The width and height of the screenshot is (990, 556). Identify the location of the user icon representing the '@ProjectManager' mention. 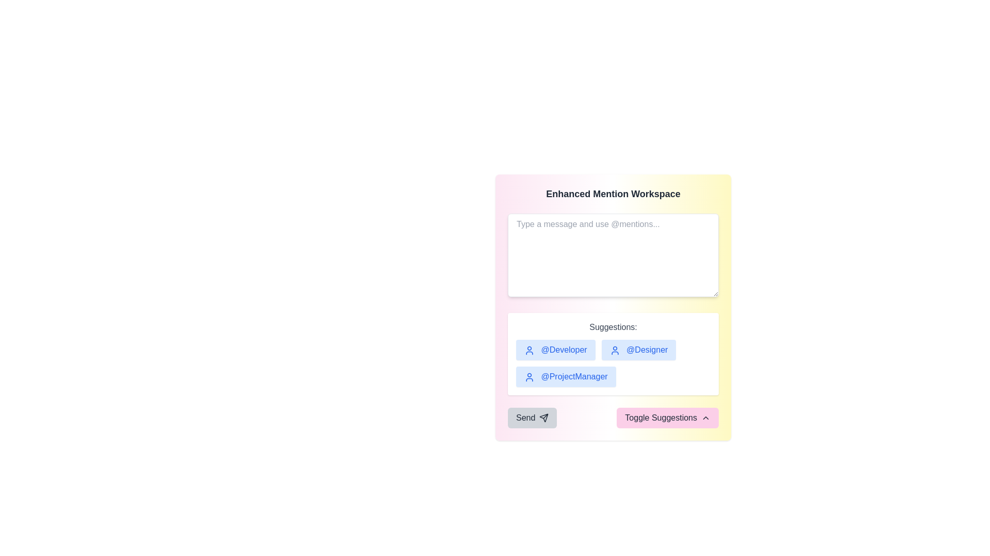
(530, 377).